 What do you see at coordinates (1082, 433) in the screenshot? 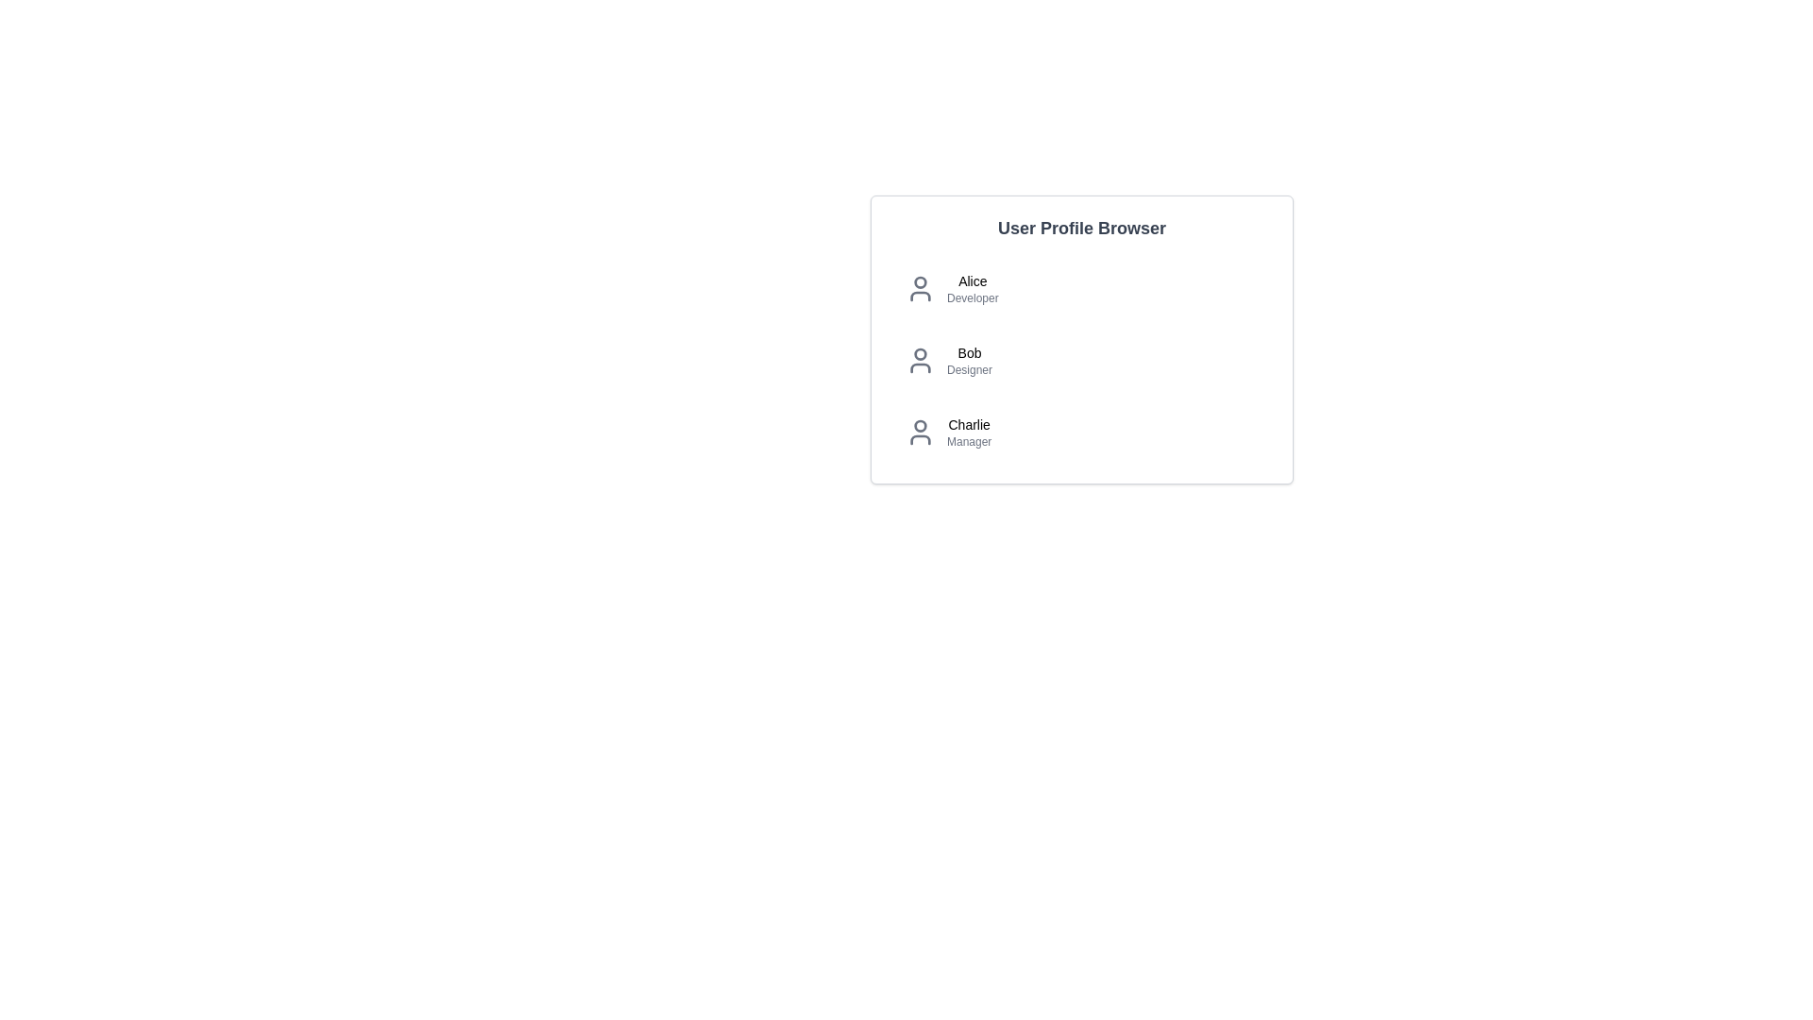
I see `the third clickable list item representing the user 'Charlie'` at bounding box center [1082, 433].